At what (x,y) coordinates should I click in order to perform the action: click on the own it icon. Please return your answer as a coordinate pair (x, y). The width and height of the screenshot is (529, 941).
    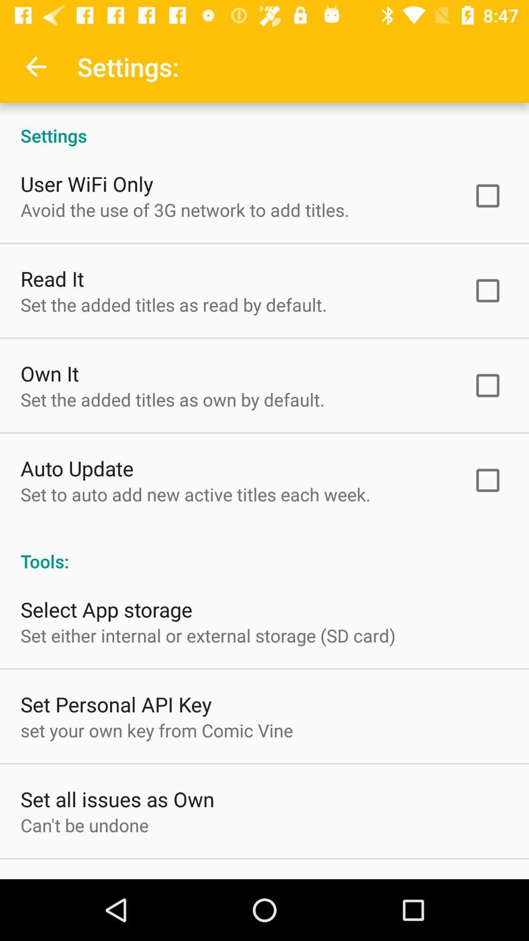
    Looking at the image, I should click on (49, 373).